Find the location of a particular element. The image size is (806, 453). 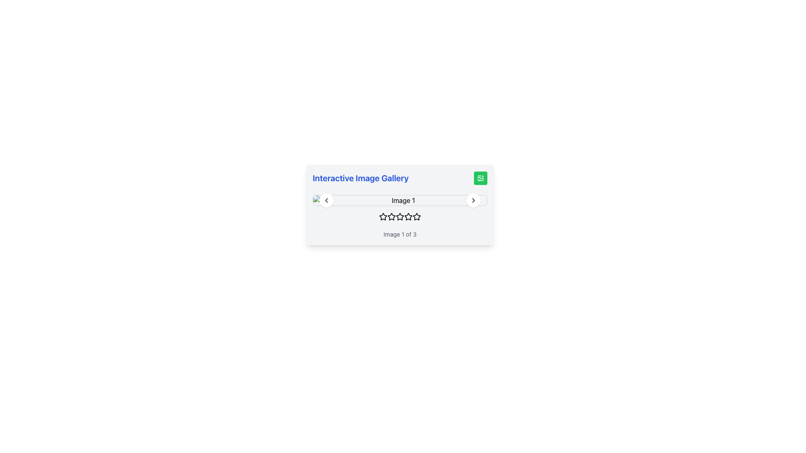

text label that indicates the current image's position in the gallery, which is uniquely identifiable as the only textual element conveying the image index is located at coordinates (400, 234).